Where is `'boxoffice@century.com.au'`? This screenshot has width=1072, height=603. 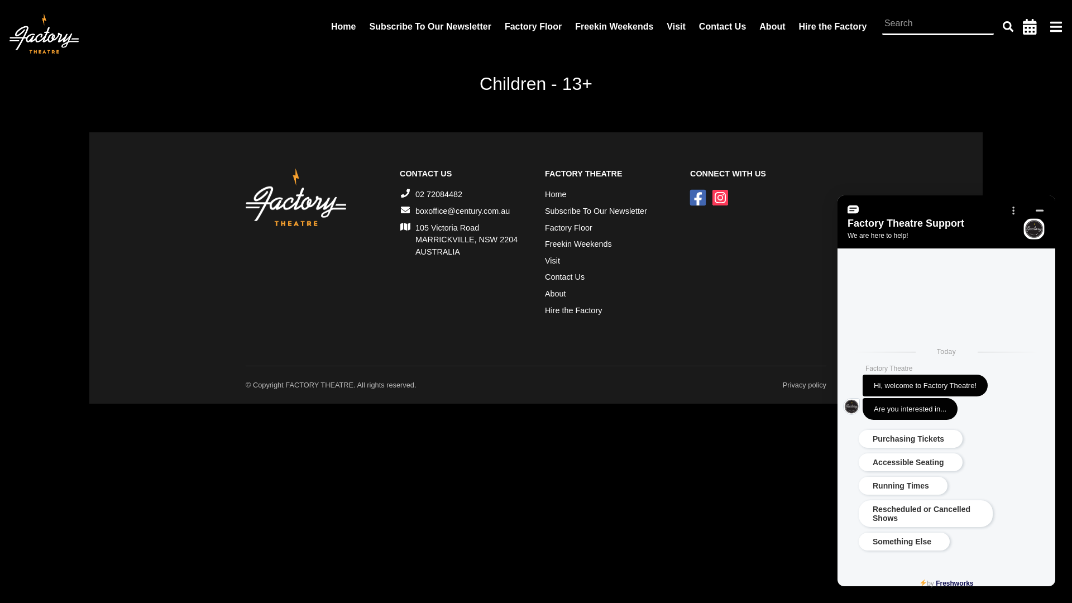 'boxoffice@century.com.au' is located at coordinates (462, 211).